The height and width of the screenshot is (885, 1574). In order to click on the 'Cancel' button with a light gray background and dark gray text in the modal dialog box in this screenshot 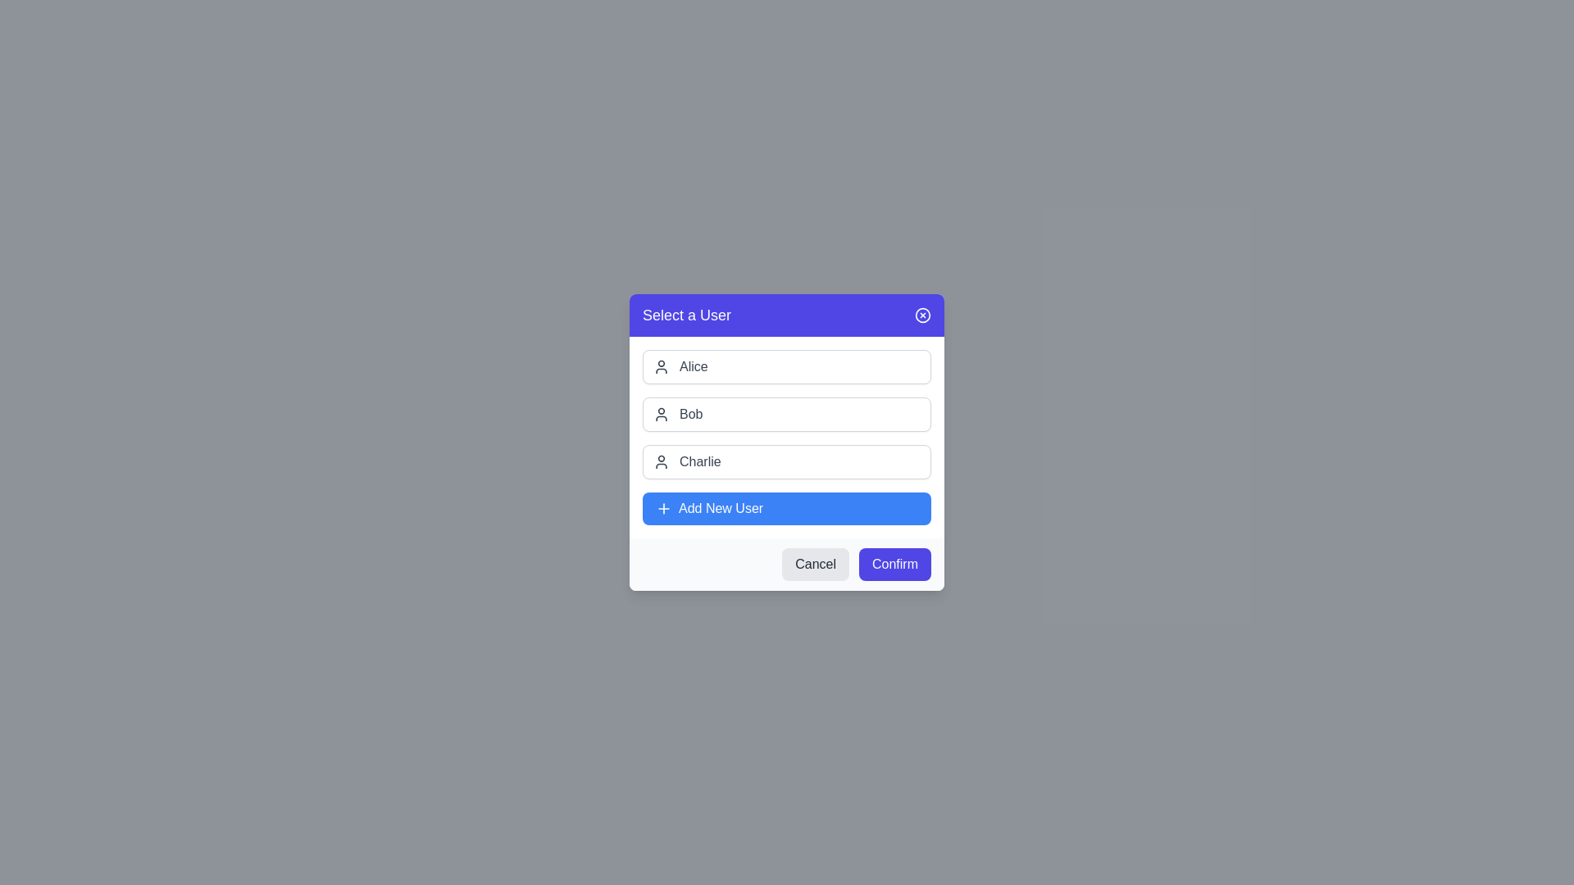, I will do `click(816, 564)`.